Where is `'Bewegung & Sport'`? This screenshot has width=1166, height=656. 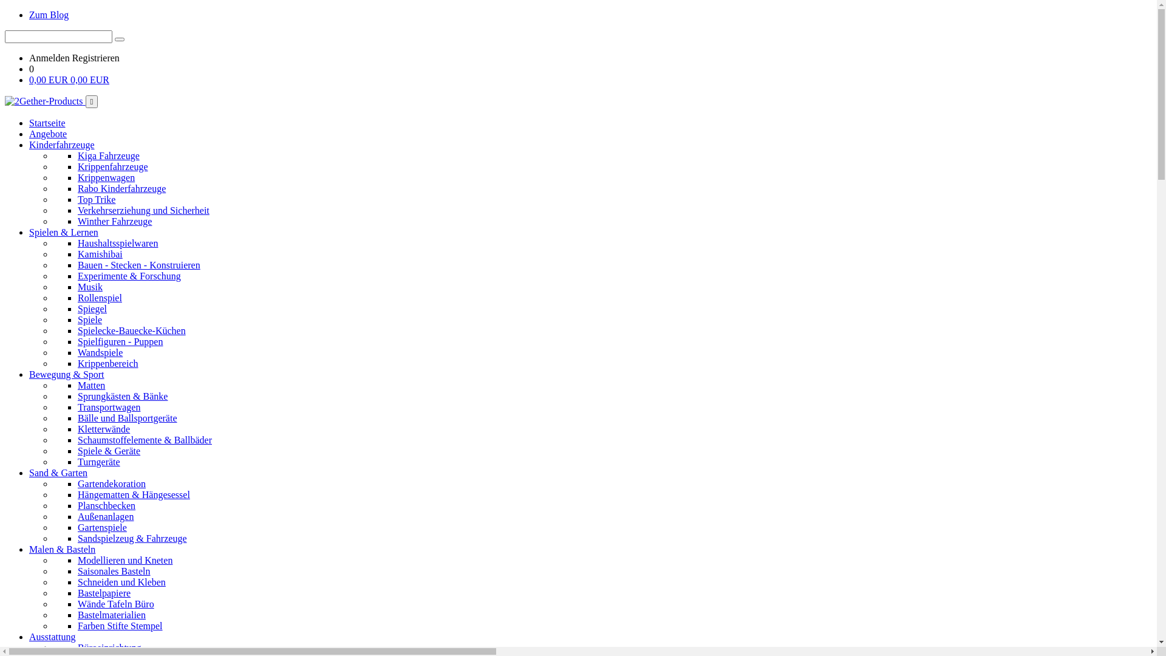 'Bewegung & Sport' is located at coordinates (66, 374).